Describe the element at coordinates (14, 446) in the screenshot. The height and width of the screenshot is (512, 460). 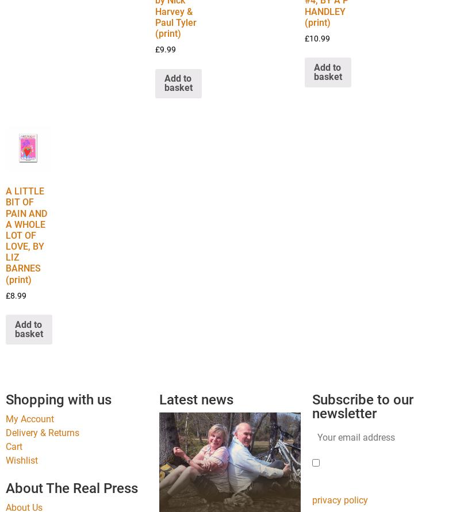
I see `'Cart'` at that location.